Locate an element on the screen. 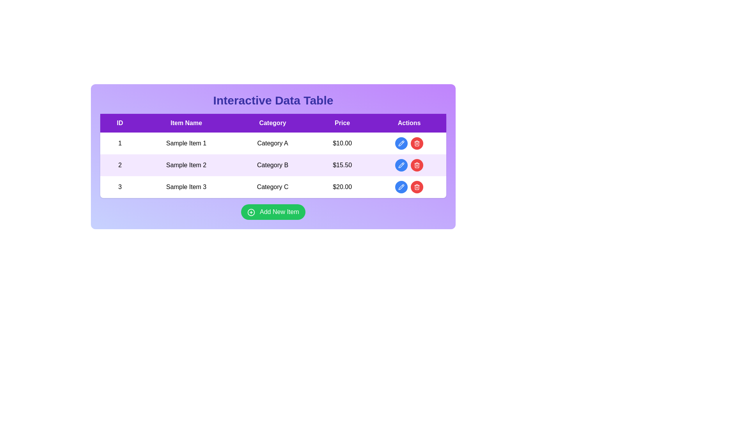  the 'Actions' column header text label, which is positioned at the far right of the table header, indicating the purpose of the column is located at coordinates (409, 123).